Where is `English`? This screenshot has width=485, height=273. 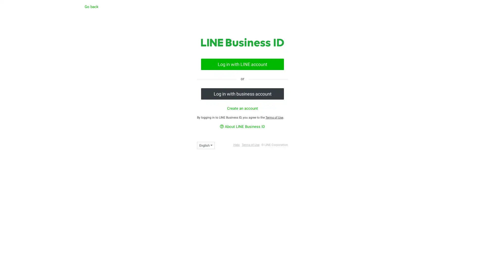
English is located at coordinates (206, 145).